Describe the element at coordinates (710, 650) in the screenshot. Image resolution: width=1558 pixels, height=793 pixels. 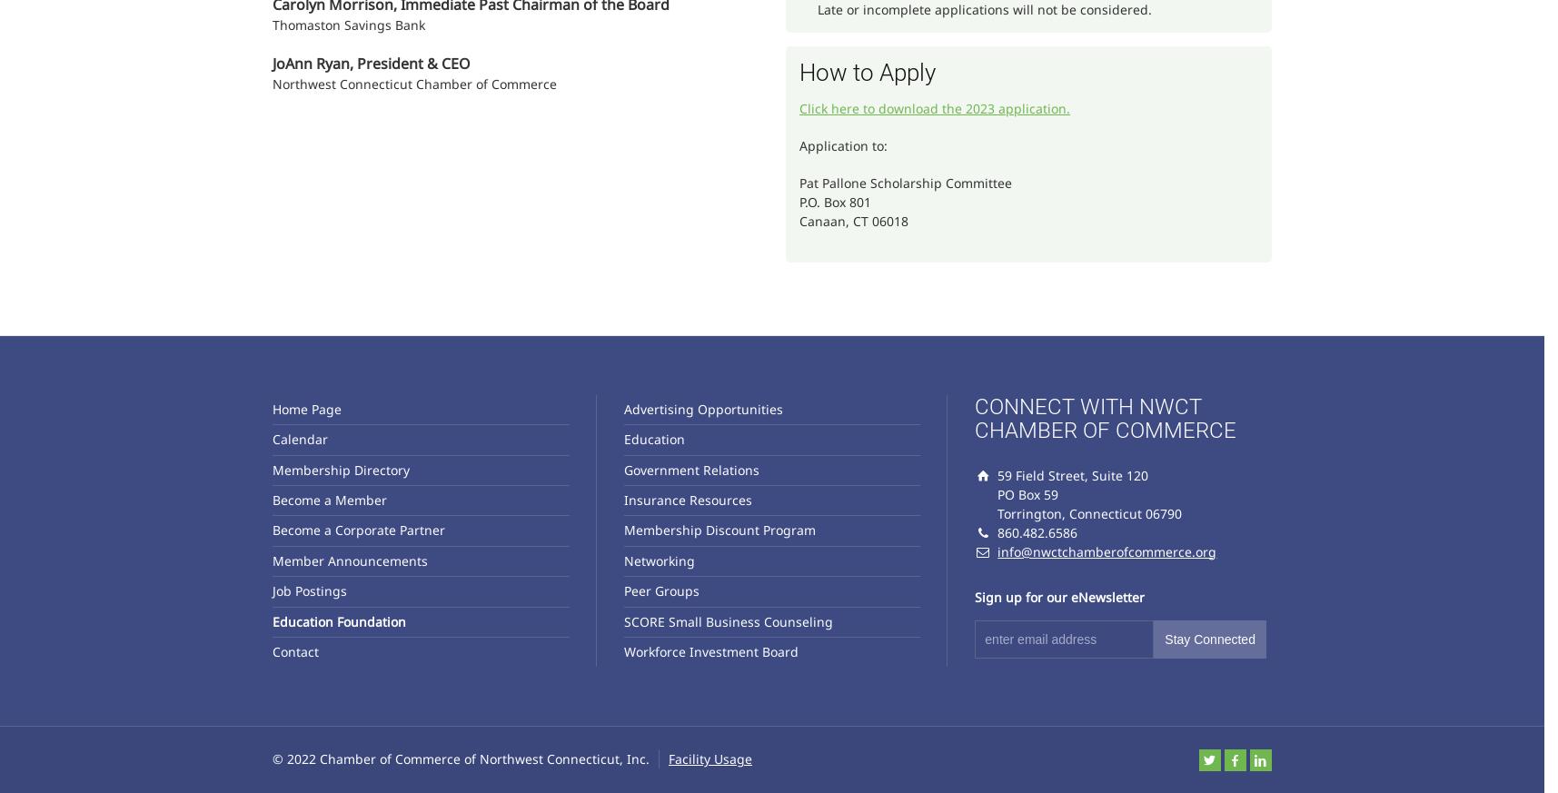
I see `'Workforce Investment Board'` at that location.